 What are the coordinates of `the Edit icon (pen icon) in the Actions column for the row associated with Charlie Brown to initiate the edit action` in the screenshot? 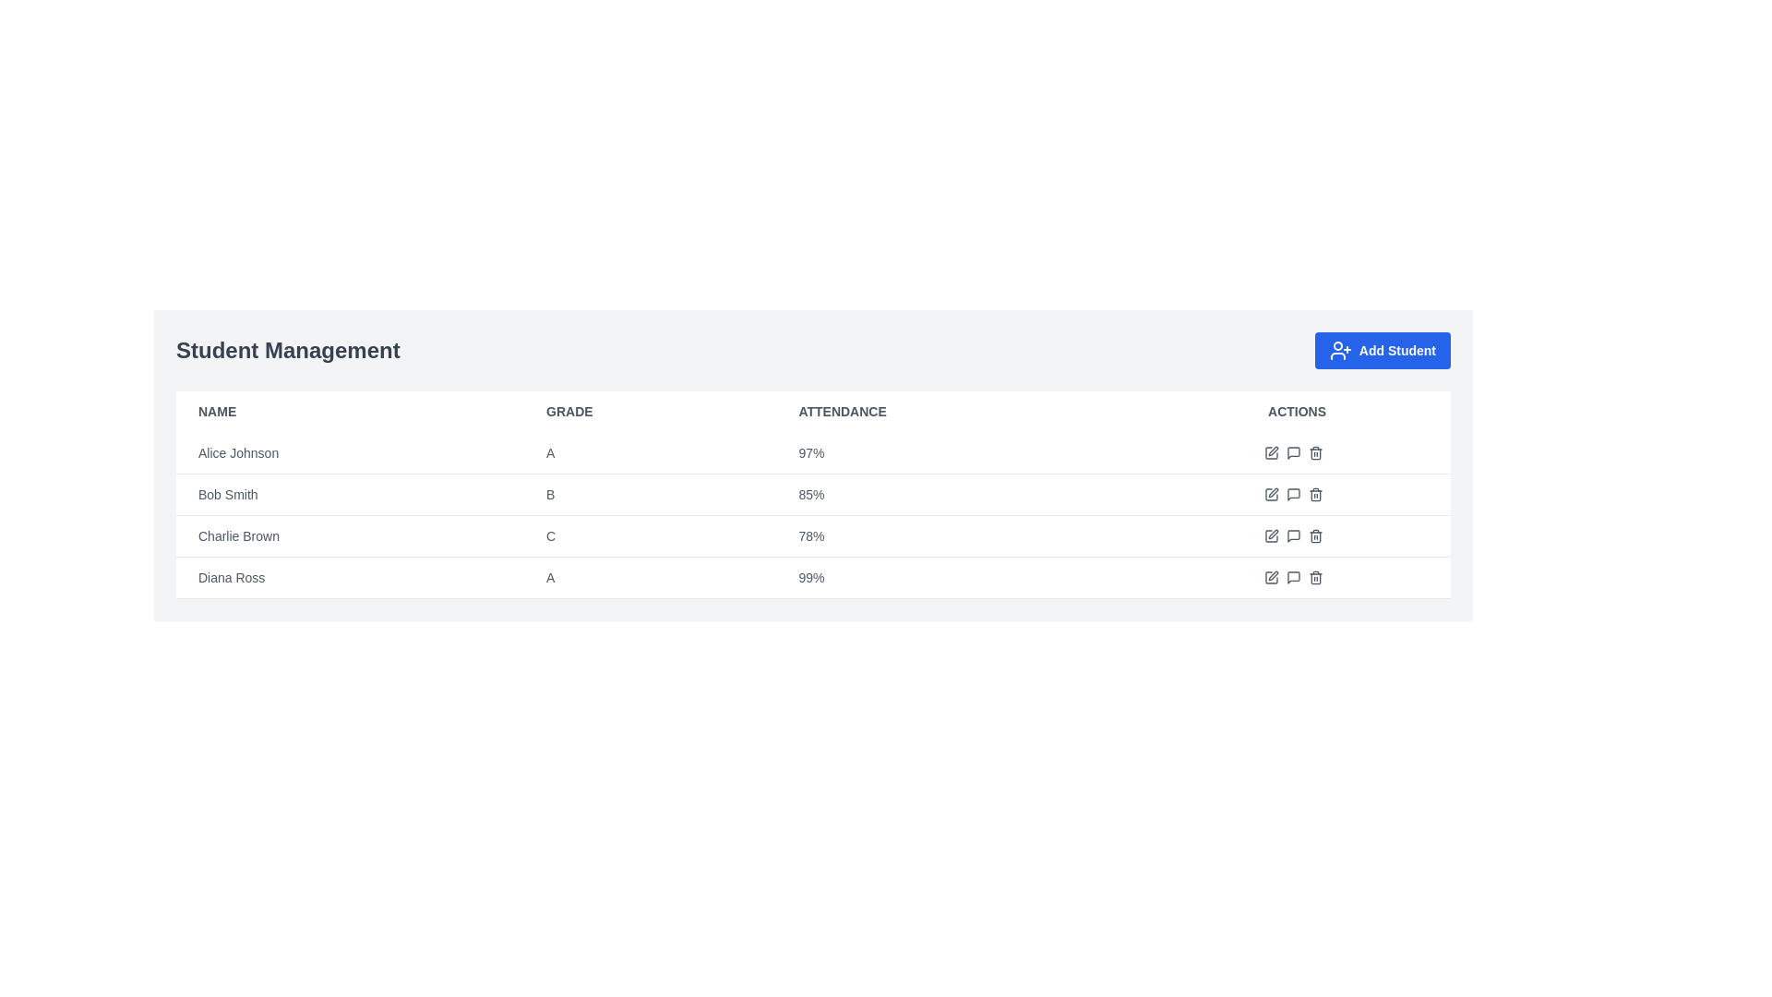 It's located at (1272, 534).